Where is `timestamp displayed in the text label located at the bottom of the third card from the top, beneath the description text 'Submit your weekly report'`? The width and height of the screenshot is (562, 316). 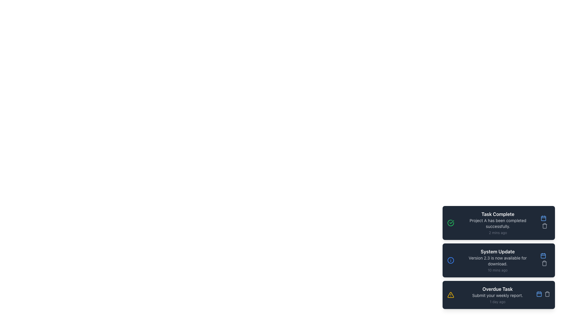 timestamp displayed in the text label located at the bottom of the third card from the top, beneath the description text 'Submit your weekly report' is located at coordinates (497, 302).